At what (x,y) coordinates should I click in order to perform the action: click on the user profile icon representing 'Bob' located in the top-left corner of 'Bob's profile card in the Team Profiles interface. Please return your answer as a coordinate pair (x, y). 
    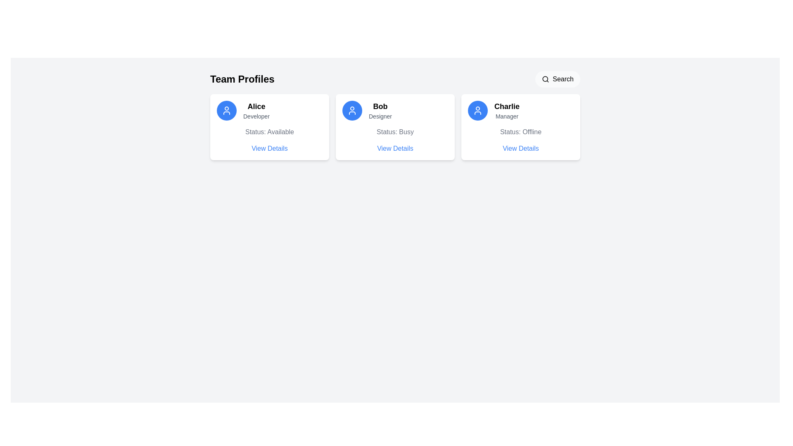
    Looking at the image, I should click on (352, 110).